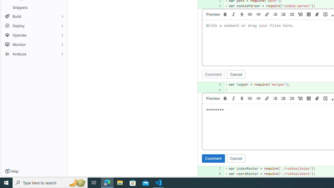 The width and height of the screenshot is (334, 188). What do you see at coordinates (292, 98) in the screenshot?
I see `'Add a checklist'` at bounding box center [292, 98].